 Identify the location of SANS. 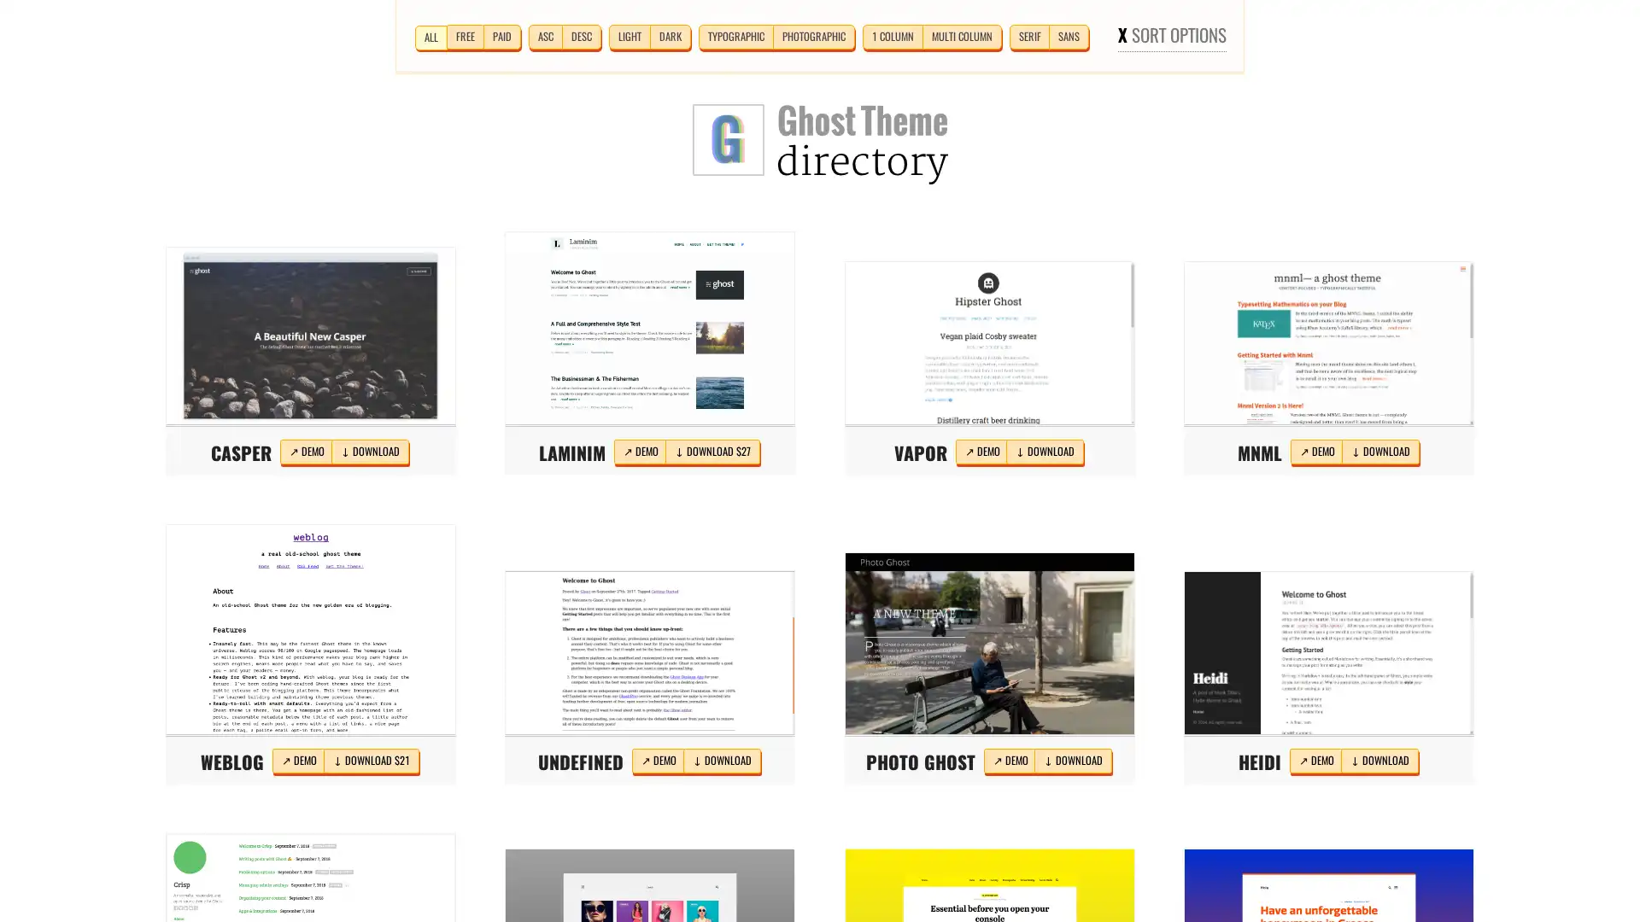
(1068, 36).